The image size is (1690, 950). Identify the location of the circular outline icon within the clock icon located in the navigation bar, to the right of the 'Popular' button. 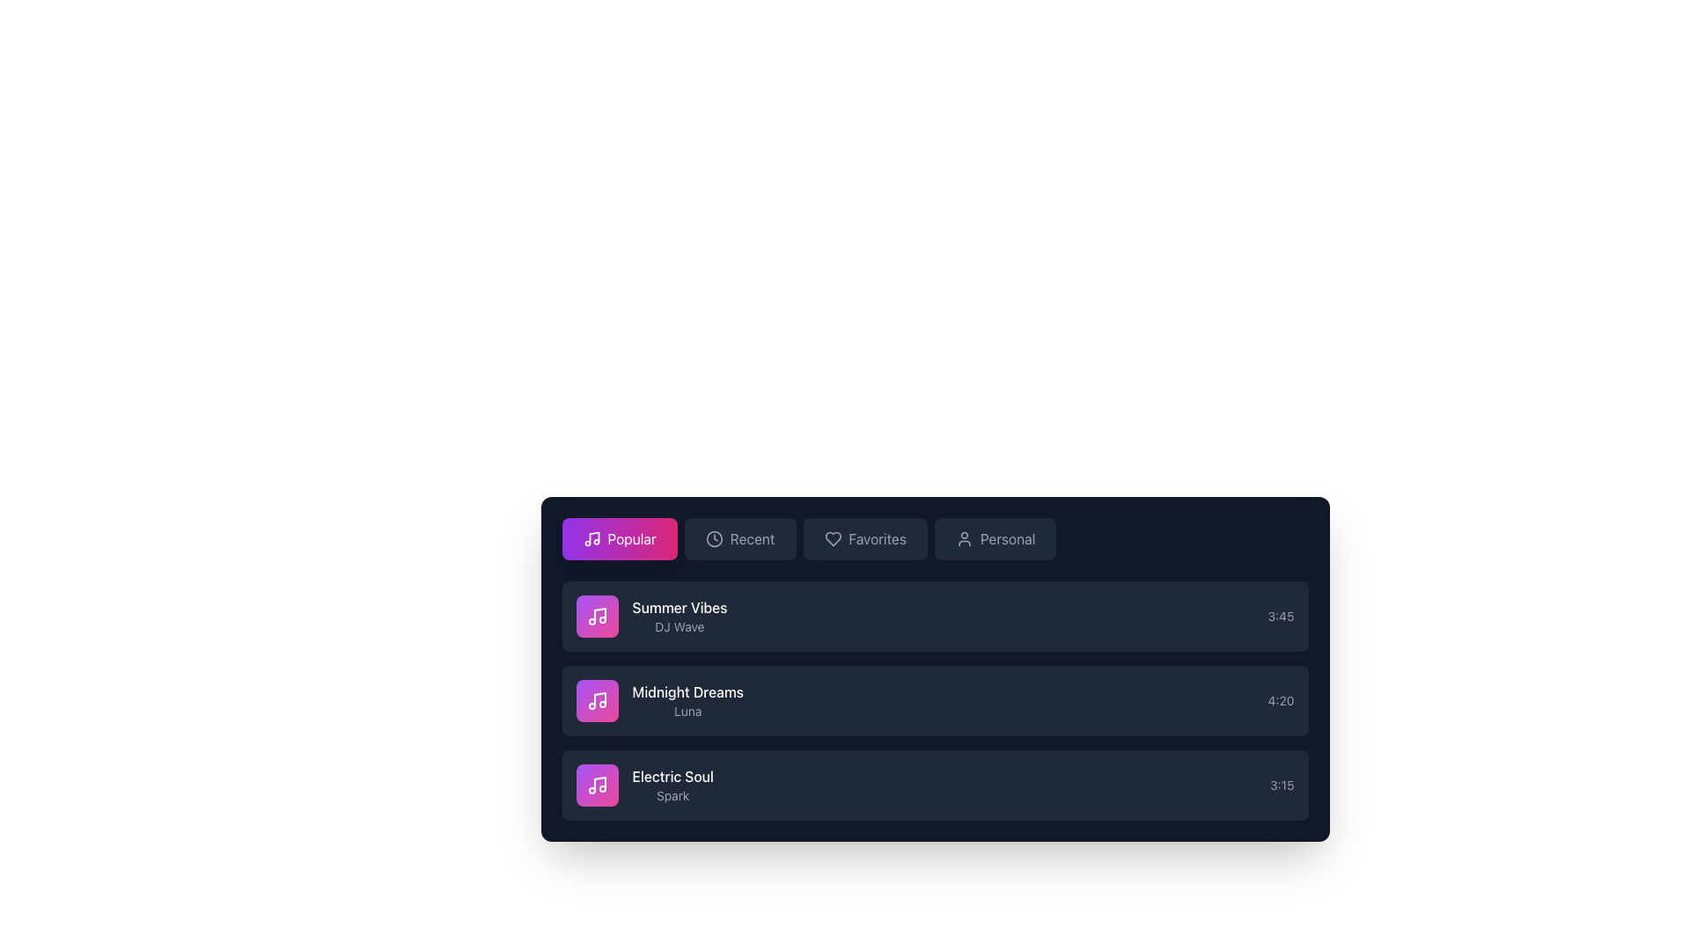
(714, 538).